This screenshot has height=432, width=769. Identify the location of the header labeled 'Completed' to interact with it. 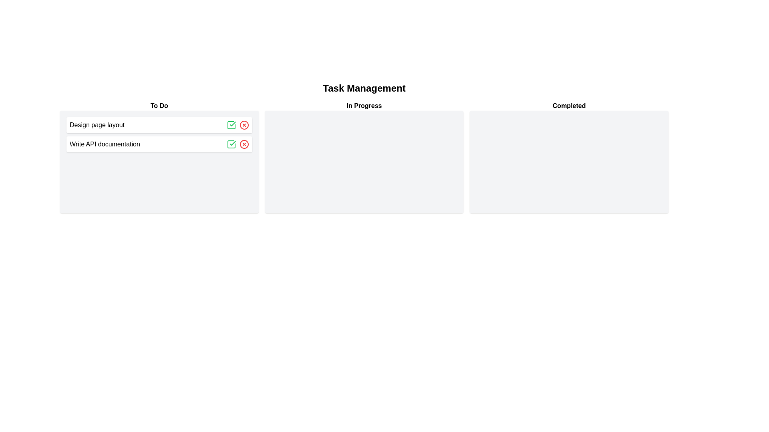
(569, 106).